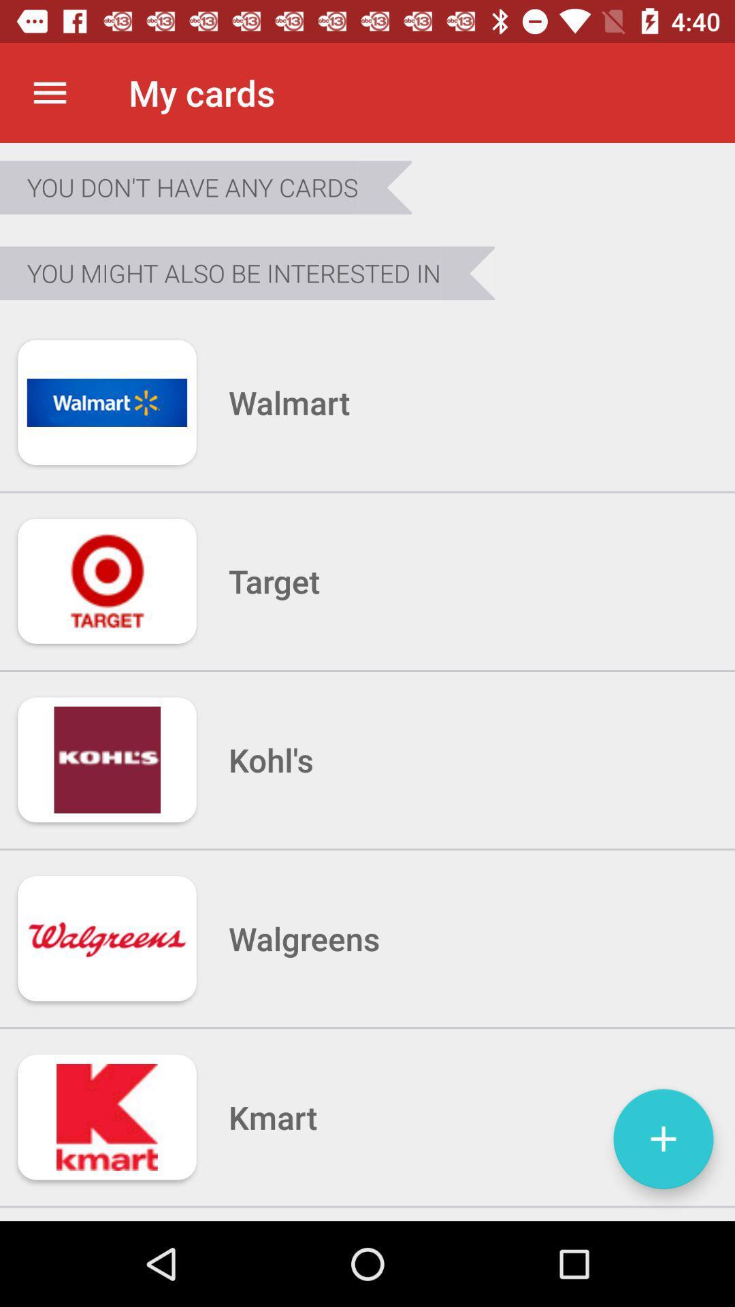 The width and height of the screenshot is (735, 1307). What do you see at coordinates (663, 1139) in the screenshot?
I see `icon next to kmart item` at bounding box center [663, 1139].